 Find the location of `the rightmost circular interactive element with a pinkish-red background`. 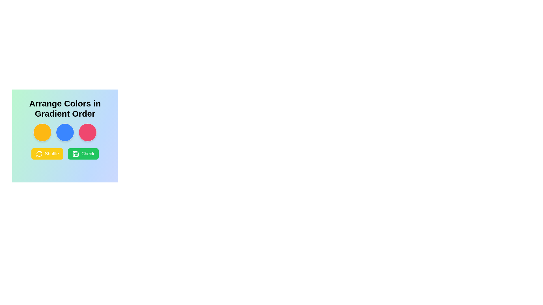

the rightmost circular interactive element with a pinkish-red background is located at coordinates (87, 132).